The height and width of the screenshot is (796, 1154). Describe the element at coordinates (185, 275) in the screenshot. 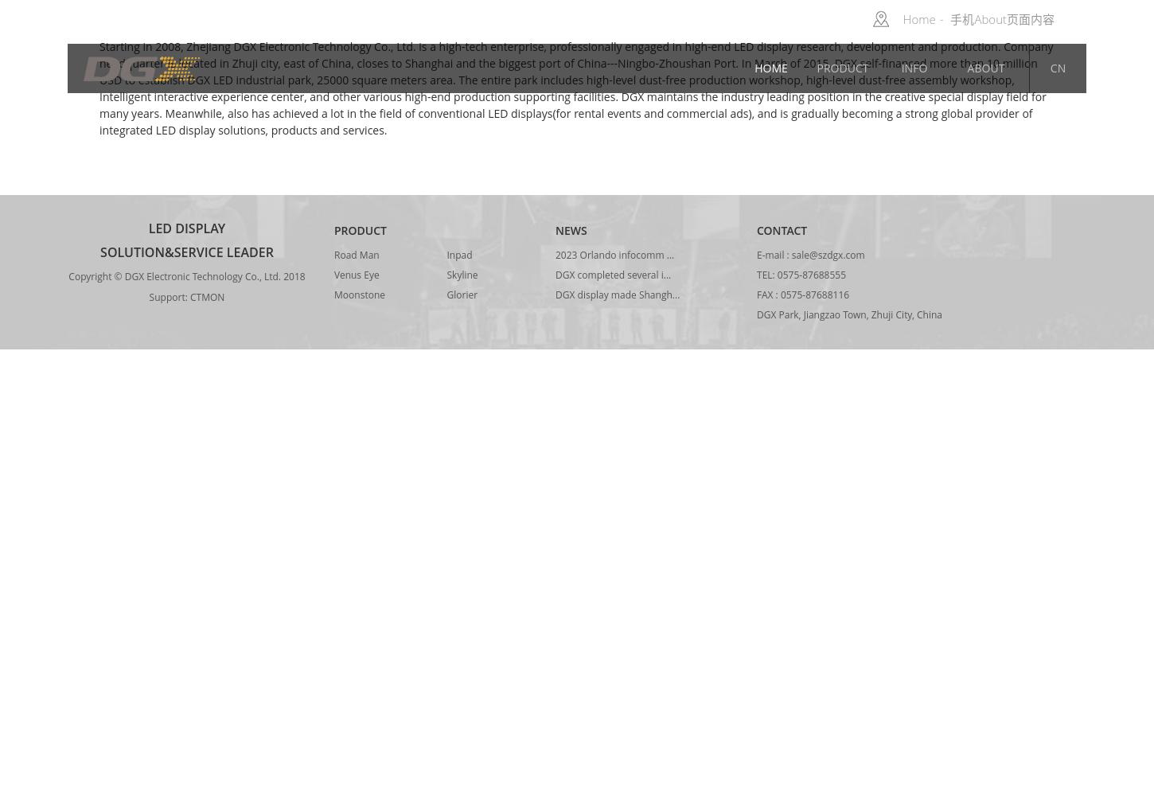

I see `'Copyright © DGX Electronic Technology Co., Ltd. 2018'` at that location.